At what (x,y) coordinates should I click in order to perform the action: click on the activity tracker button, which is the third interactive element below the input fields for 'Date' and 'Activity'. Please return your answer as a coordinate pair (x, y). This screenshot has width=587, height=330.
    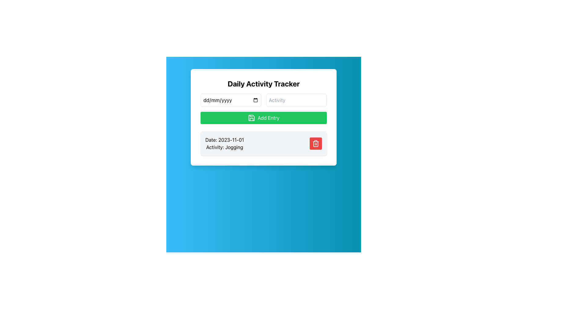
    Looking at the image, I should click on (264, 118).